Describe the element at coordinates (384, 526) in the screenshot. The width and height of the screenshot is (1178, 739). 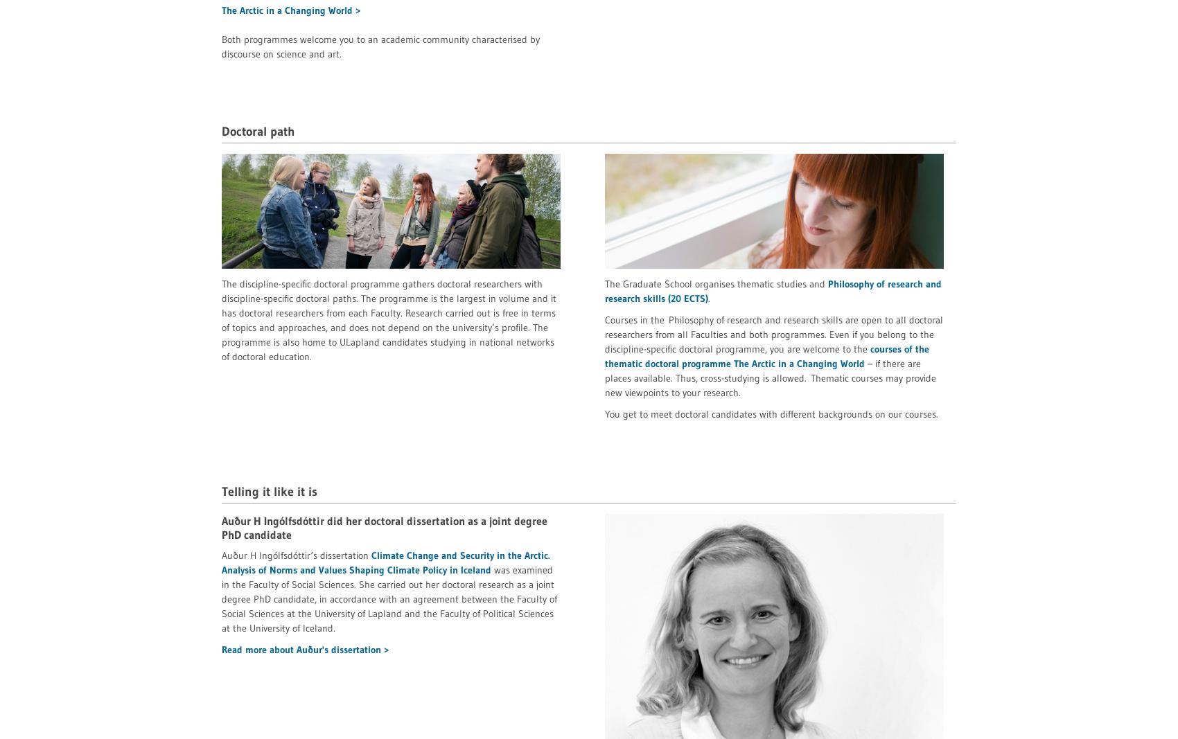
I see `'Auður H Ingólfsdóttir did her doctoral dissertation as a joint degree PhD candidate'` at that location.